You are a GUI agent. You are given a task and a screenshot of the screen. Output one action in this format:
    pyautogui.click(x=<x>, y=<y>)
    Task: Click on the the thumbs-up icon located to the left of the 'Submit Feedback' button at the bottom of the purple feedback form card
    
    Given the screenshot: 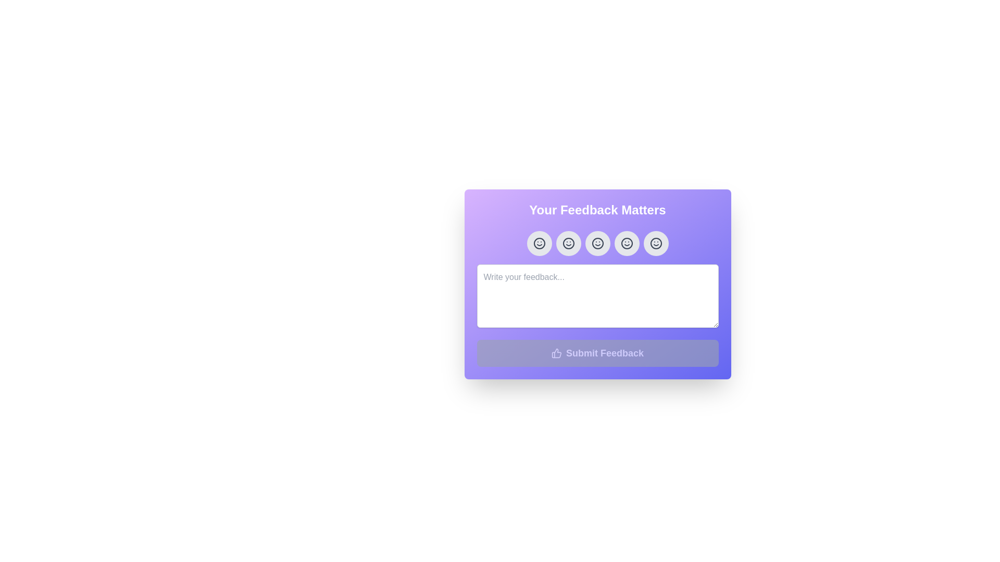 What is the action you would take?
    pyautogui.click(x=556, y=352)
    